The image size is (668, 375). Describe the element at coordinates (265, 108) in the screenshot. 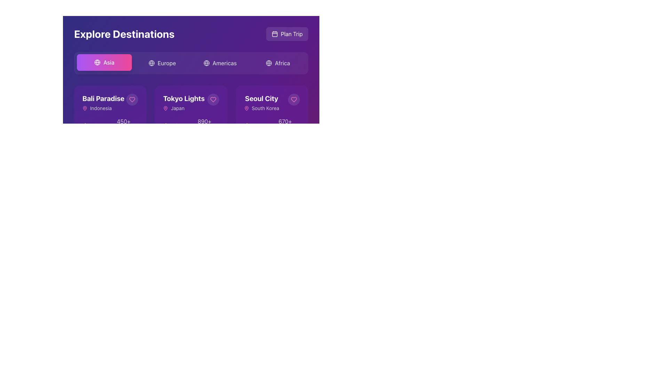

I see `text labeled 'South Korea' which is styled in gray color and small font, located in the bottom-left section of the 'Seoul City' card, adjacent to a map pin icon` at that location.